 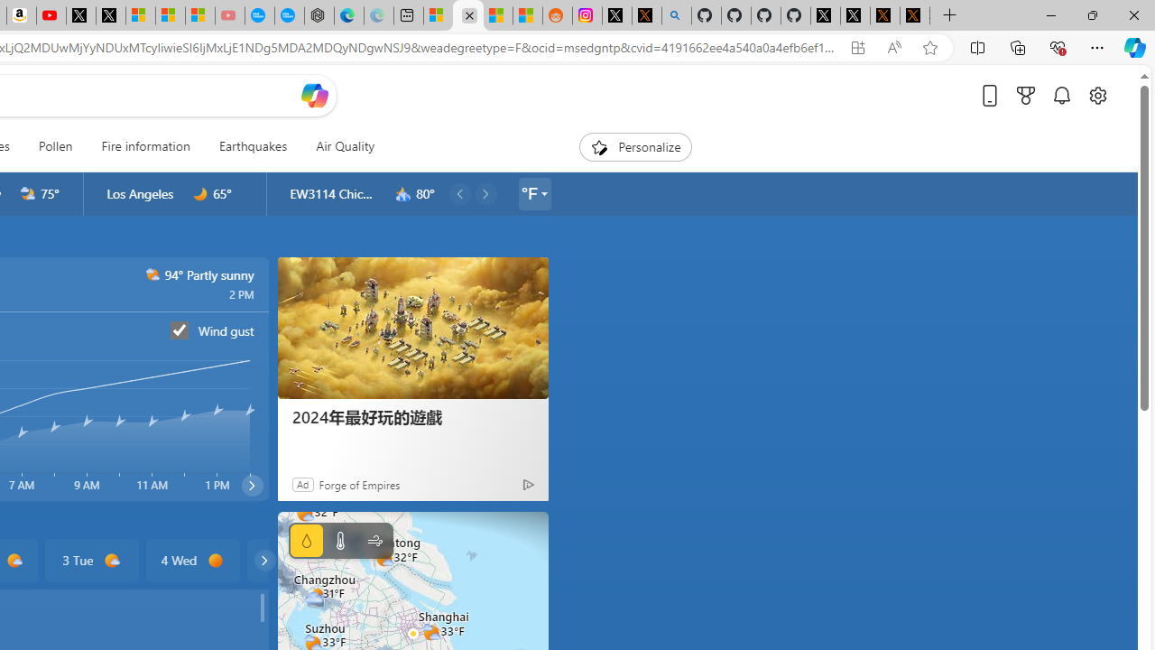 I want to click on 'Temperature', so click(x=339, y=540).